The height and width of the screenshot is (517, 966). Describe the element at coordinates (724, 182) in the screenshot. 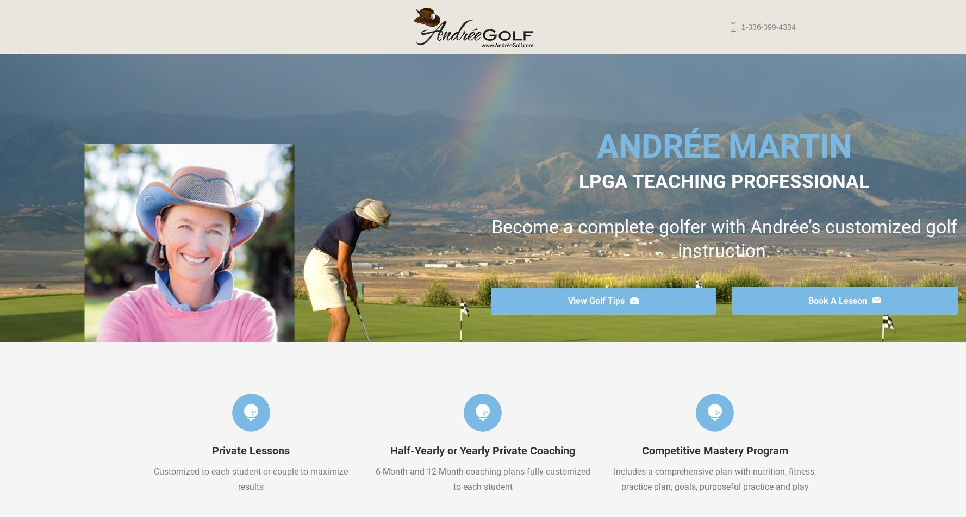

I see `'LPGA TEACHING PROFESSIONAL'` at that location.